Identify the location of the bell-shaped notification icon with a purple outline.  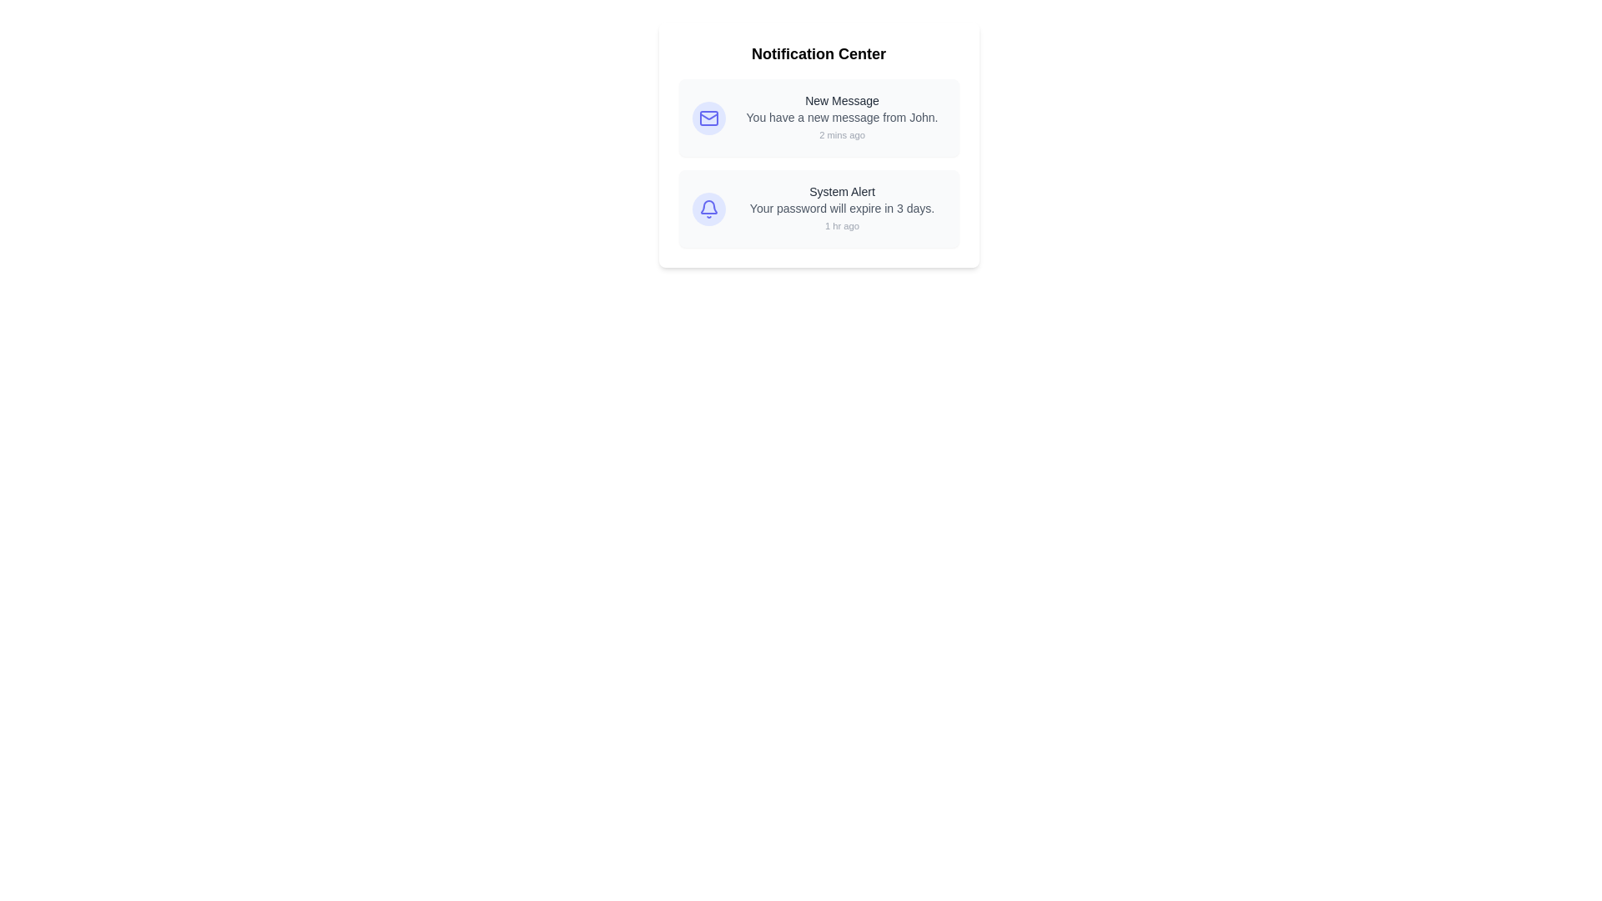
(708, 208).